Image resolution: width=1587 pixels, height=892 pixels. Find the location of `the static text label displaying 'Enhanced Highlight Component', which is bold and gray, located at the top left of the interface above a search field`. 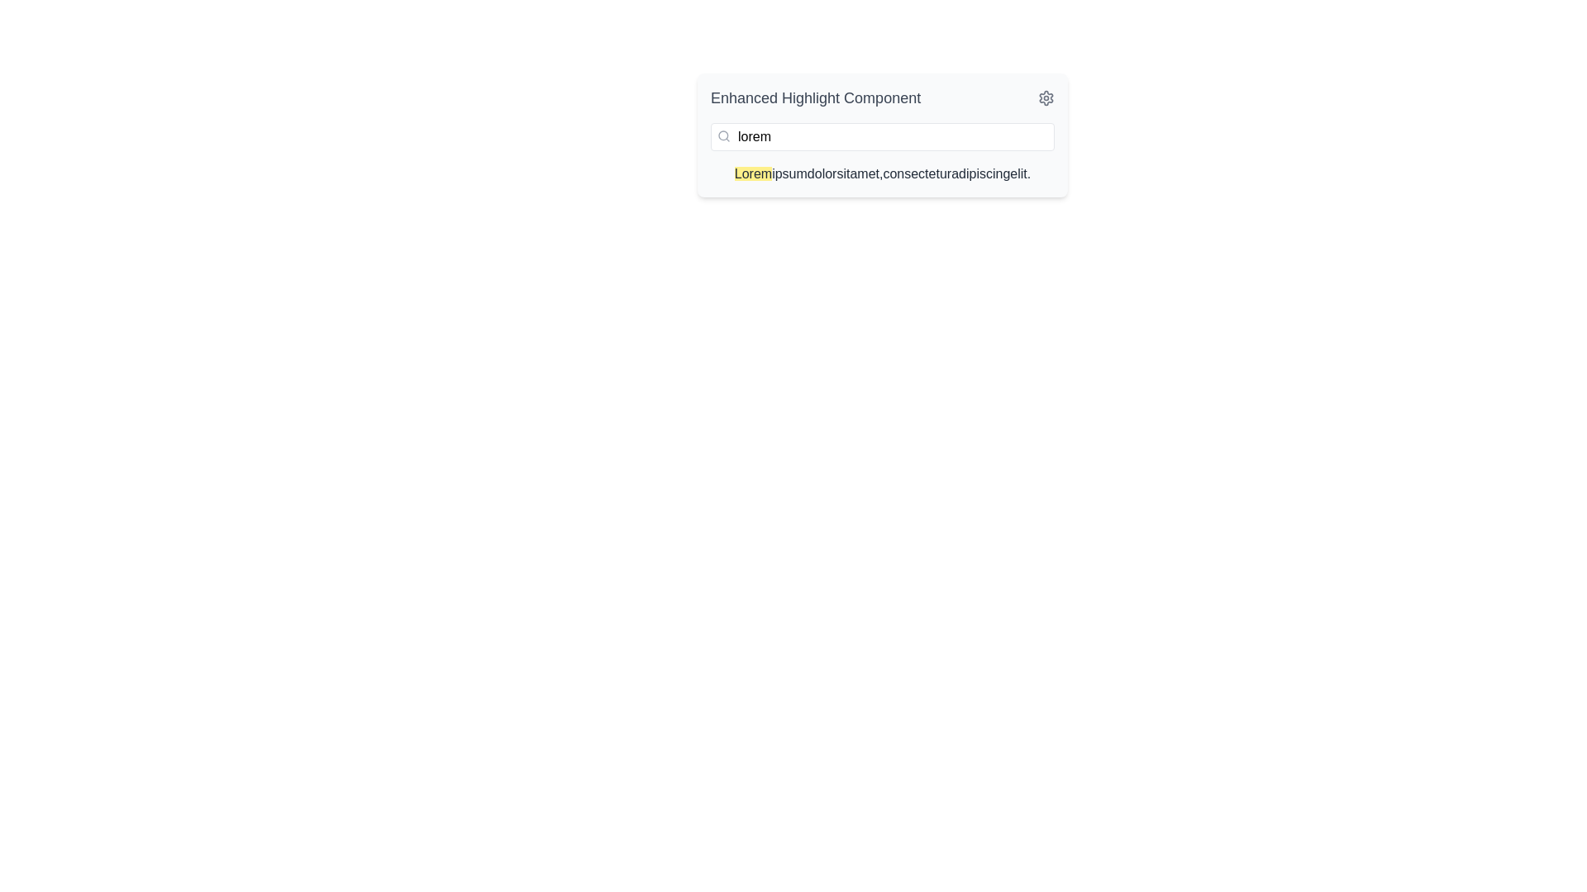

the static text label displaying 'Enhanced Highlight Component', which is bold and gray, located at the top left of the interface above a search field is located at coordinates (816, 98).